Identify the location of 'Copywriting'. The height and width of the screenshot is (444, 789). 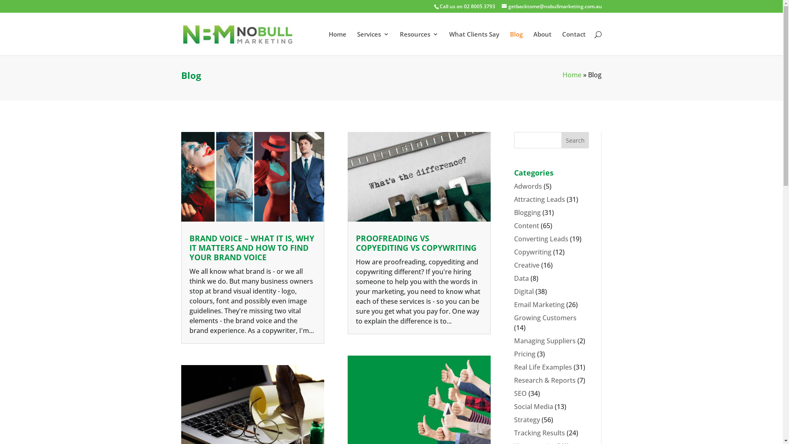
(514, 252).